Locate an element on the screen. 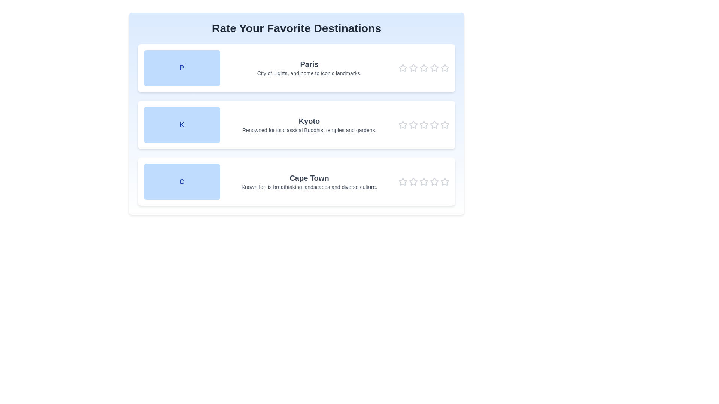 This screenshot has height=404, width=719. the third star icon in the rating system located in the 'Cape Town' section to rate is located at coordinates (413, 182).